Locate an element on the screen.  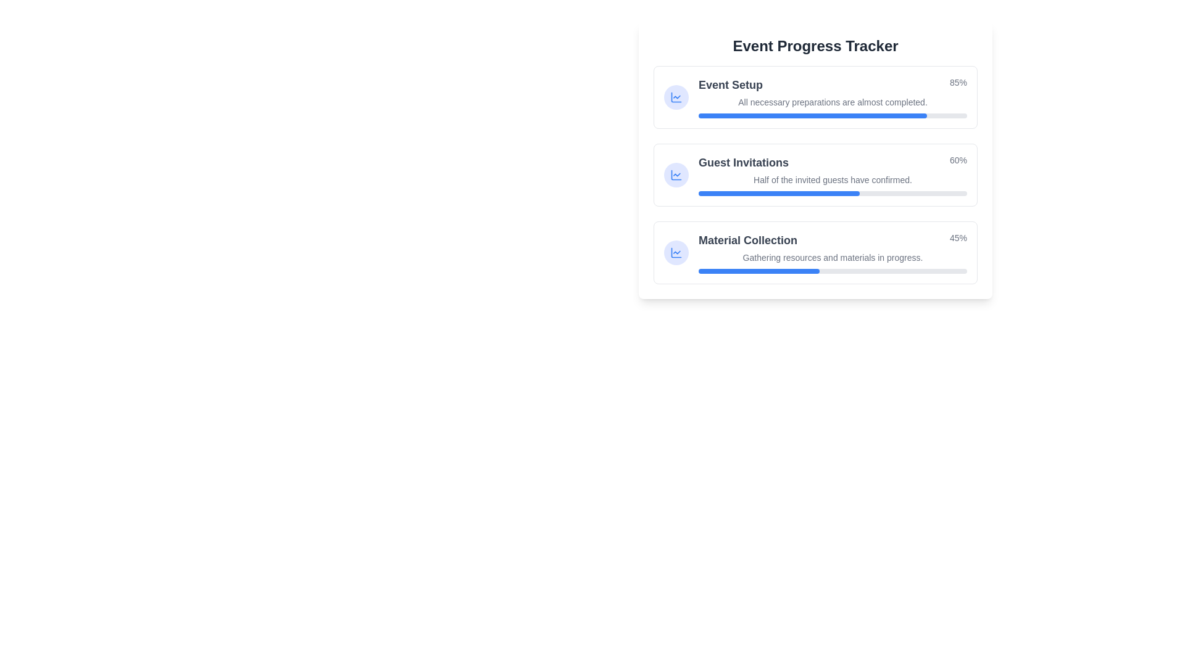
the Text label that provides additional context for the 'Material Collection' section, which is positioned below 'Material Collection' and '45%', and above a progress bar is located at coordinates (833, 257).